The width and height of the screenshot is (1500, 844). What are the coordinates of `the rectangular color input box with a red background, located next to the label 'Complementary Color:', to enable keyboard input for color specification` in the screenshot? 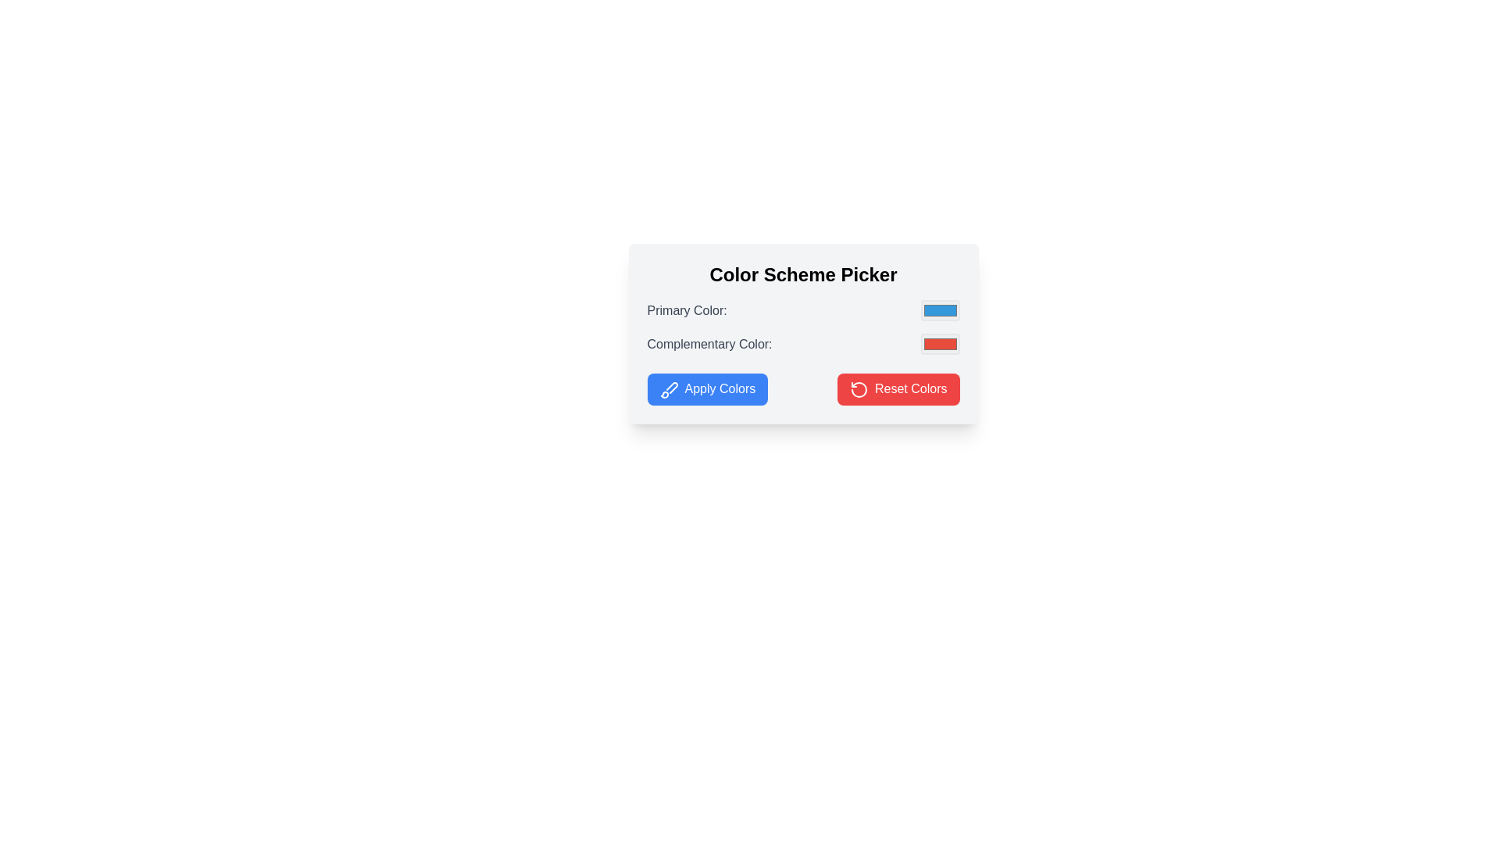 It's located at (939, 343).